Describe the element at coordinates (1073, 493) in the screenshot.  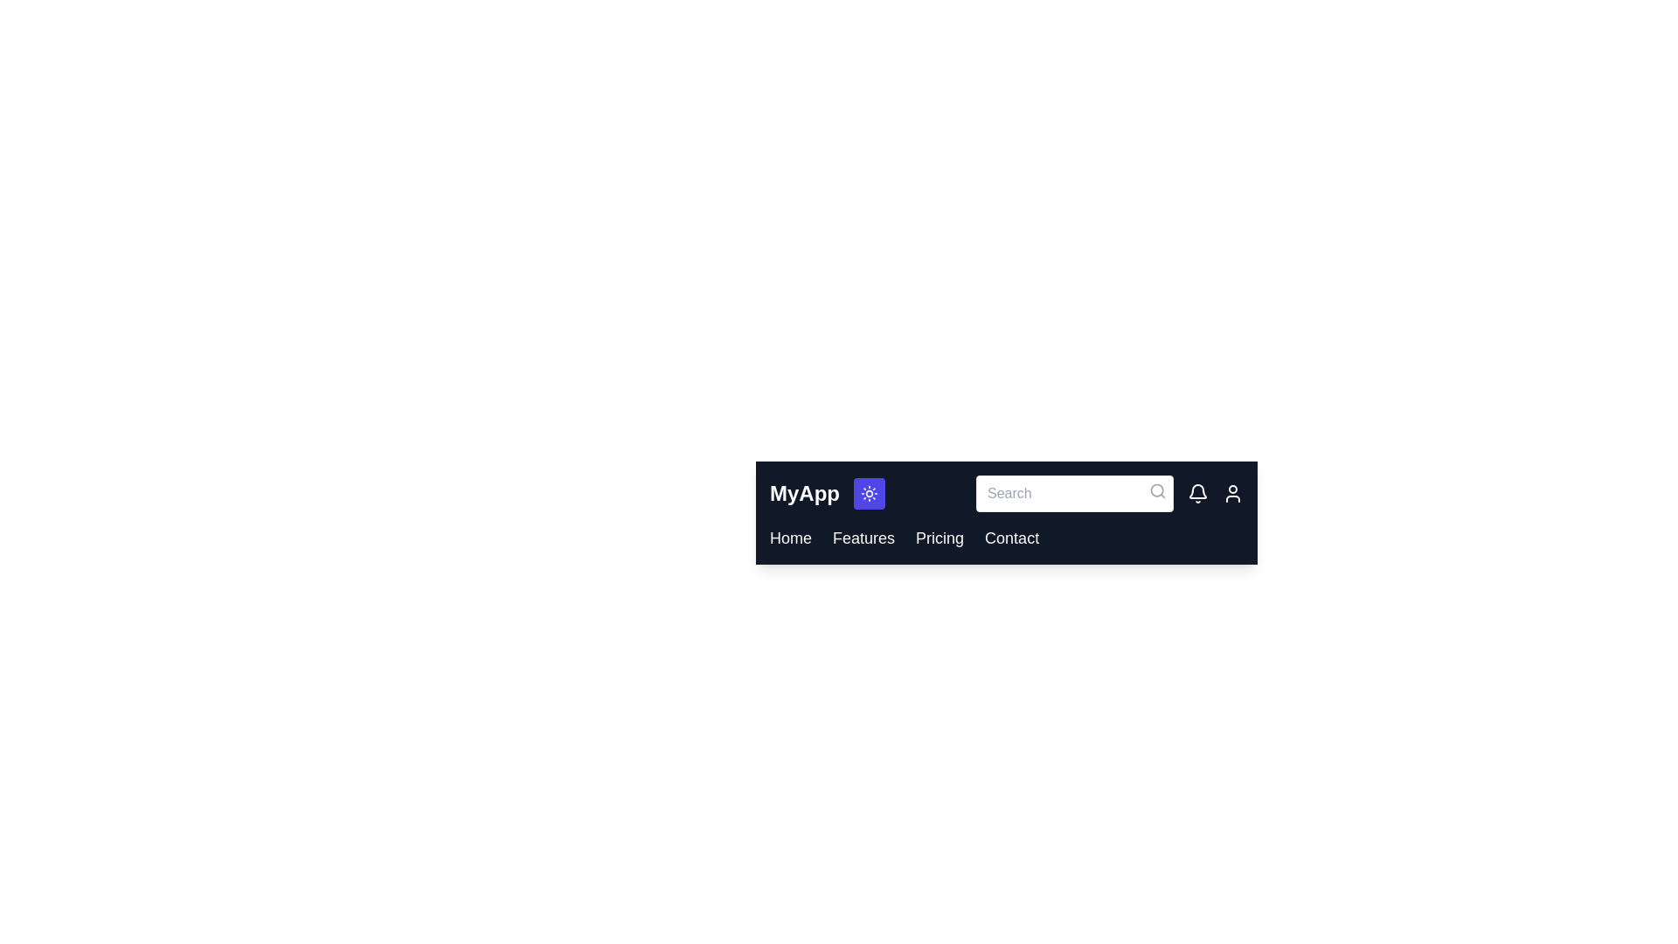
I see `the search bar and type a query` at that location.